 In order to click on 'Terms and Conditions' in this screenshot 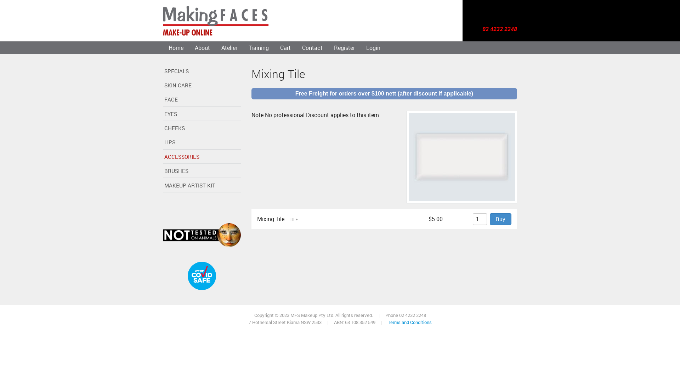, I will do `click(409, 322)`.